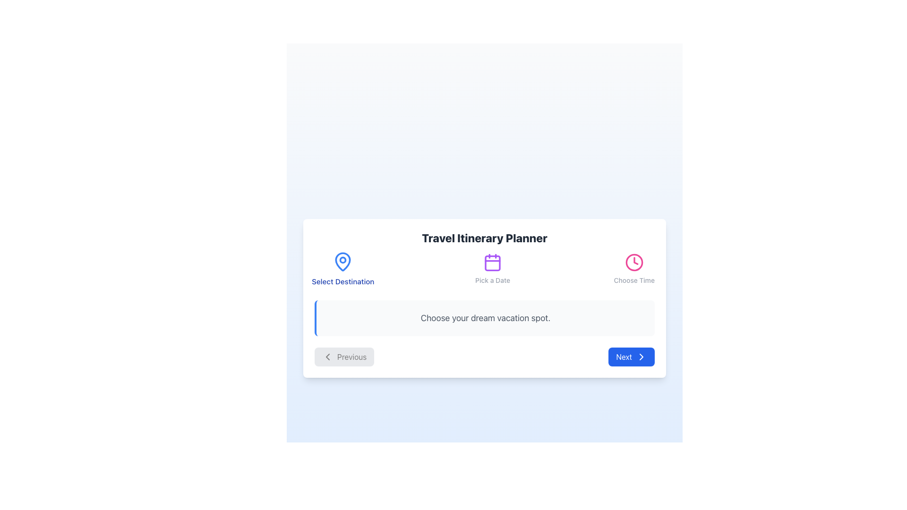 Image resolution: width=907 pixels, height=510 pixels. I want to click on the text label reading 'Pick a Date' which is positioned directly beneath the purple calendar icon in the Travel Itinerary Planner interface, so click(492, 280).